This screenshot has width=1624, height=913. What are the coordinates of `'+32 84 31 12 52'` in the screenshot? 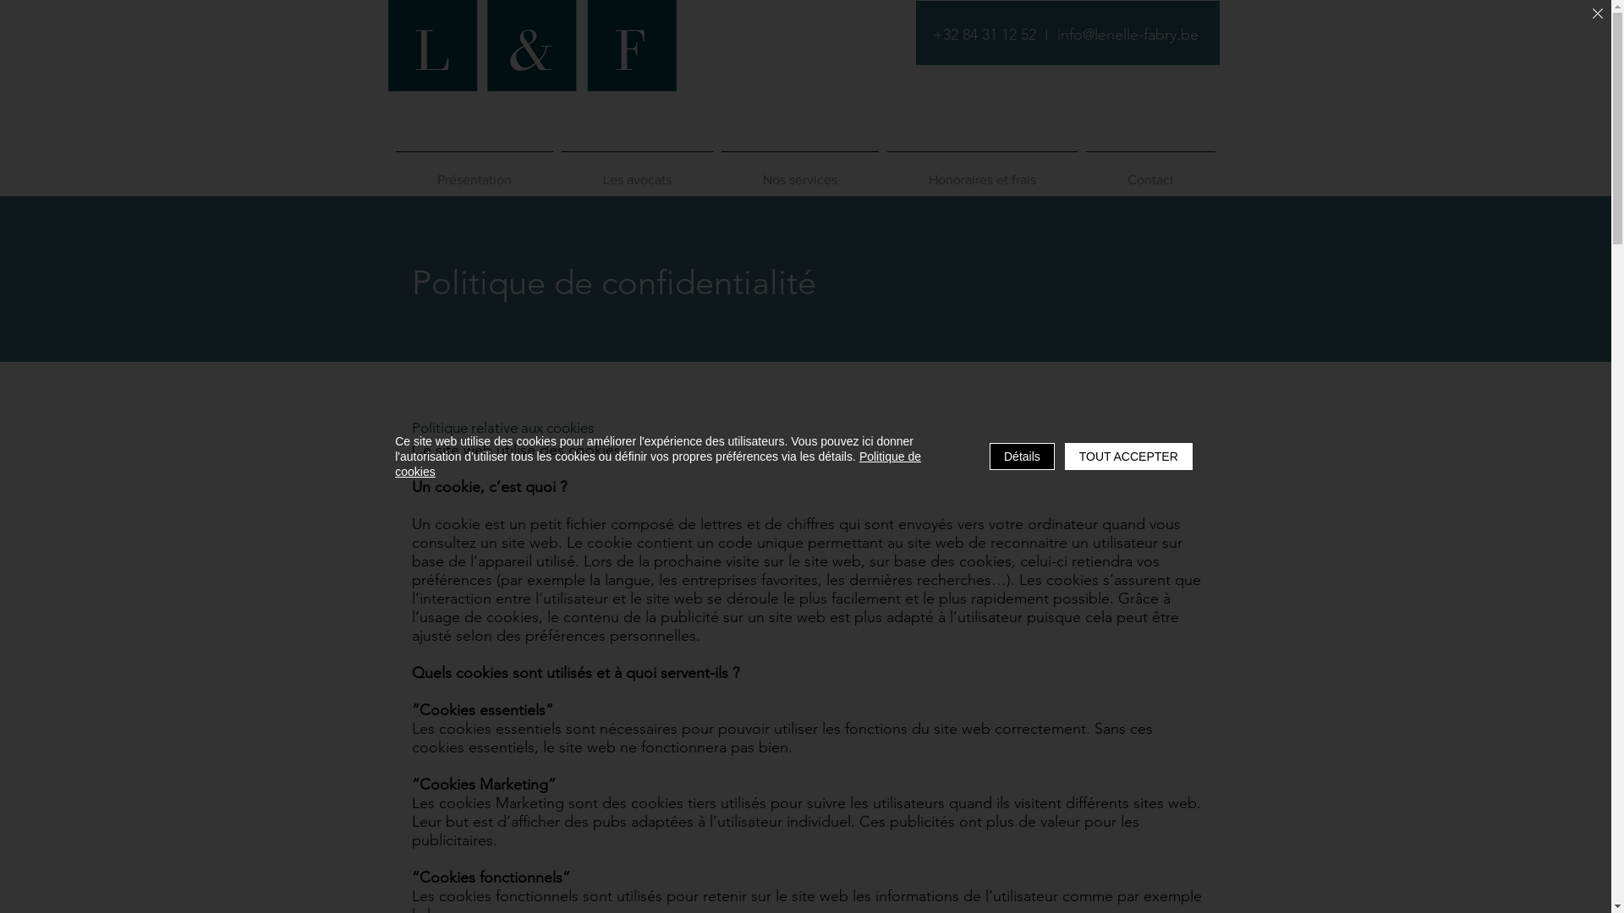 It's located at (983, 35).